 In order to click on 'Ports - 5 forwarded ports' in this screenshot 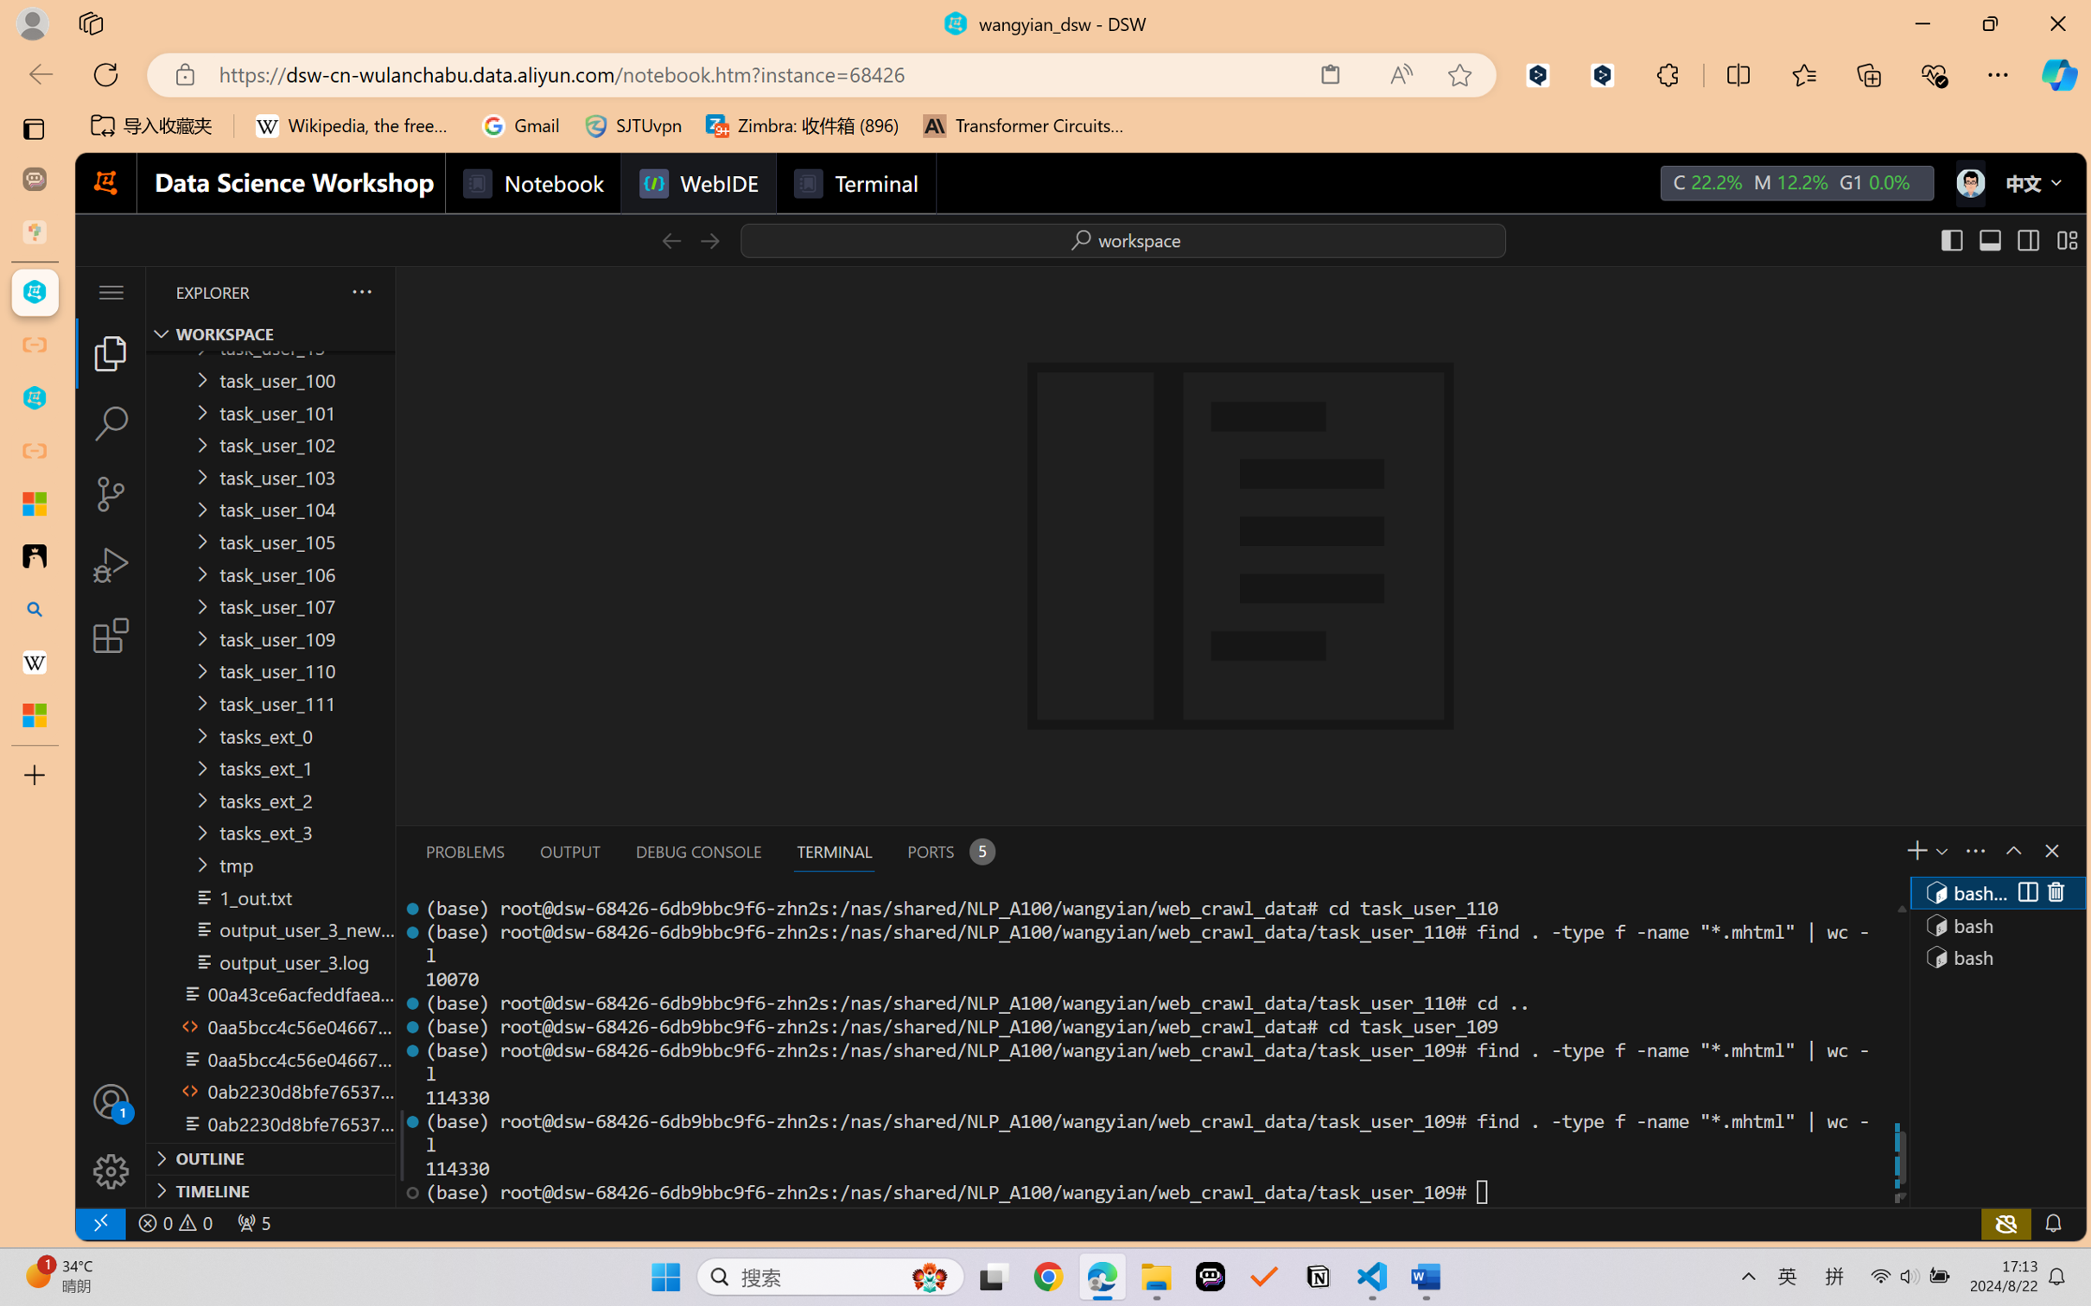, I will do `click(949, 852)`.